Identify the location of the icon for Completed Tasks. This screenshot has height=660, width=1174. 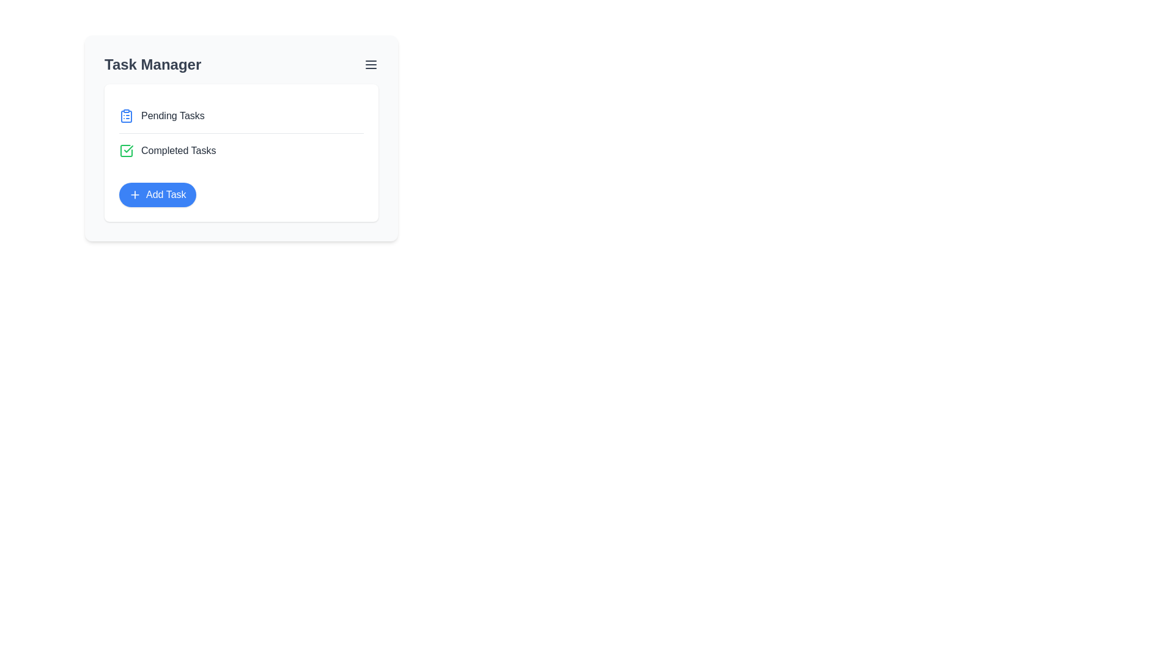
(126, 150).